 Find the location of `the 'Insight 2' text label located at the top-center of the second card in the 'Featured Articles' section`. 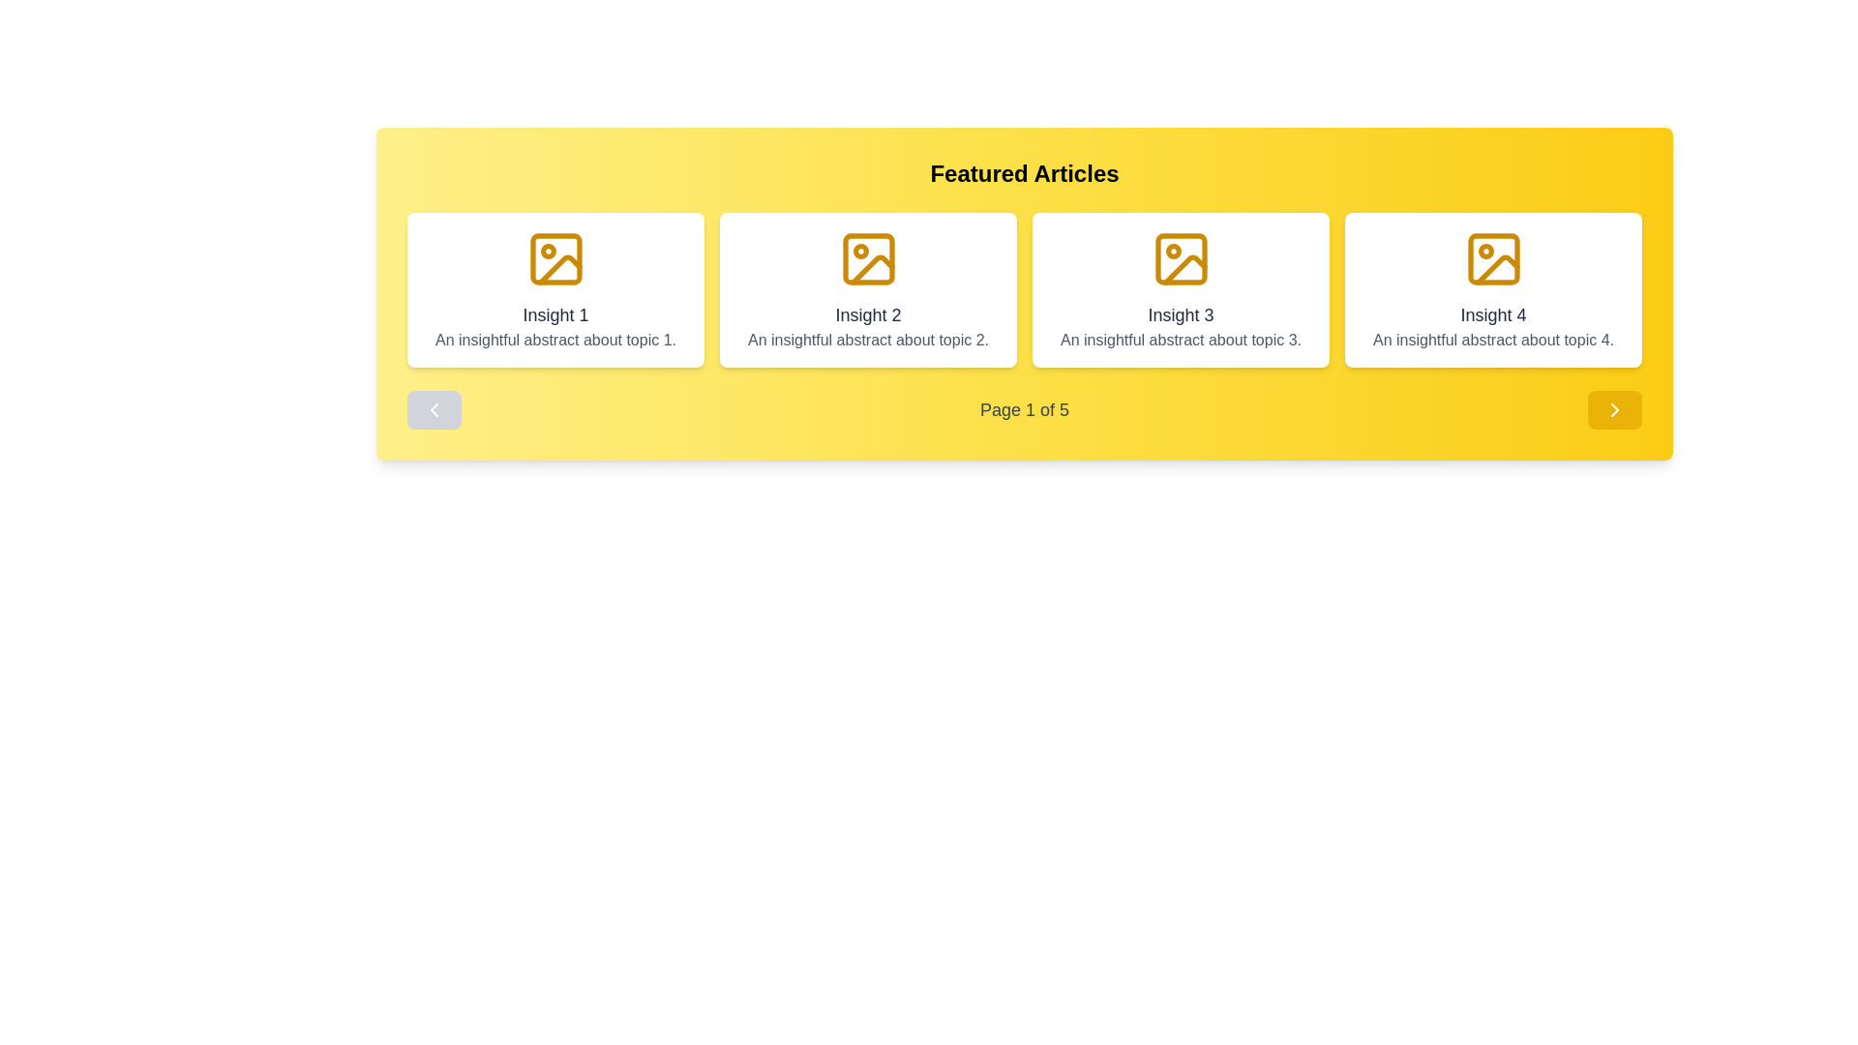

the 'Insight 2' text label located at the top-center of the second card in the 'Featured Articles' section is located at coordinates (867, 314).